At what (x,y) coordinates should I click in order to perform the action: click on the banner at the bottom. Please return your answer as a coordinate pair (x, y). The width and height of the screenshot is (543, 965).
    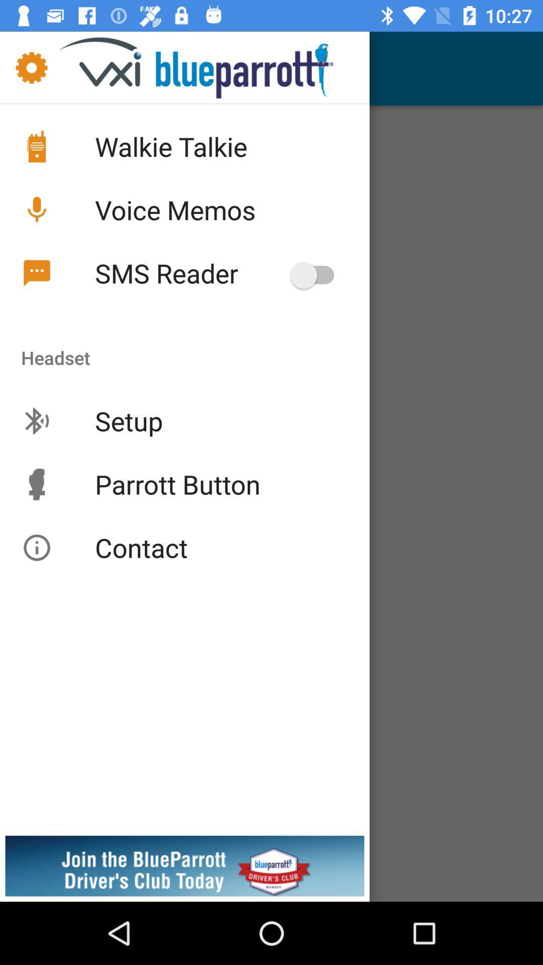
    Looking at the image, I should click on (271, 834).